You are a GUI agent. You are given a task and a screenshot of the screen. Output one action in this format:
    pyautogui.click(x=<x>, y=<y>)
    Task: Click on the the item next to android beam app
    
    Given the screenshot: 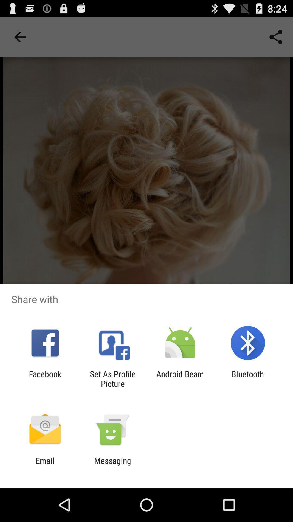 What is the action you would take?
    pyautogui.click(x=248, y=378)
    